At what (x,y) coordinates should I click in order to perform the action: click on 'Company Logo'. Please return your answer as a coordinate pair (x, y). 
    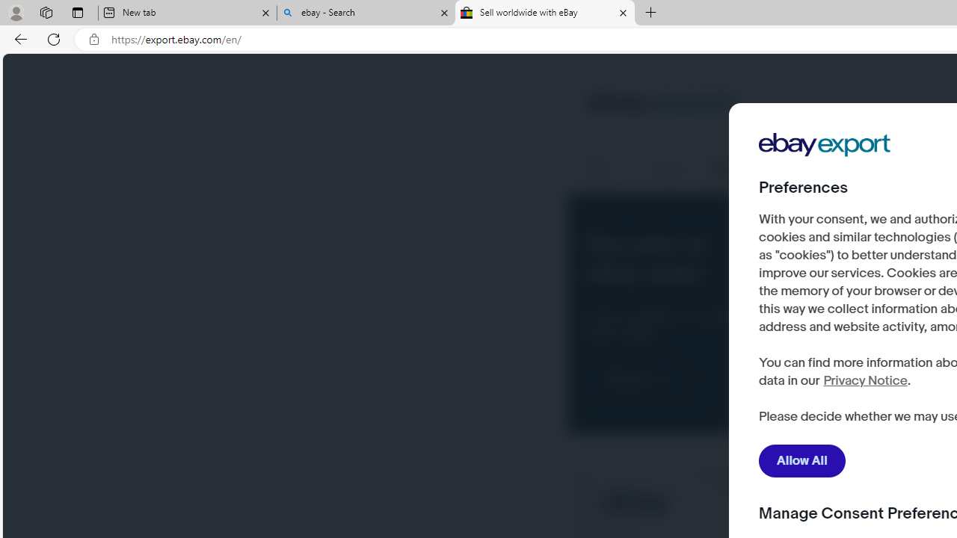
    Looking at the image, I should click on (824, 145).